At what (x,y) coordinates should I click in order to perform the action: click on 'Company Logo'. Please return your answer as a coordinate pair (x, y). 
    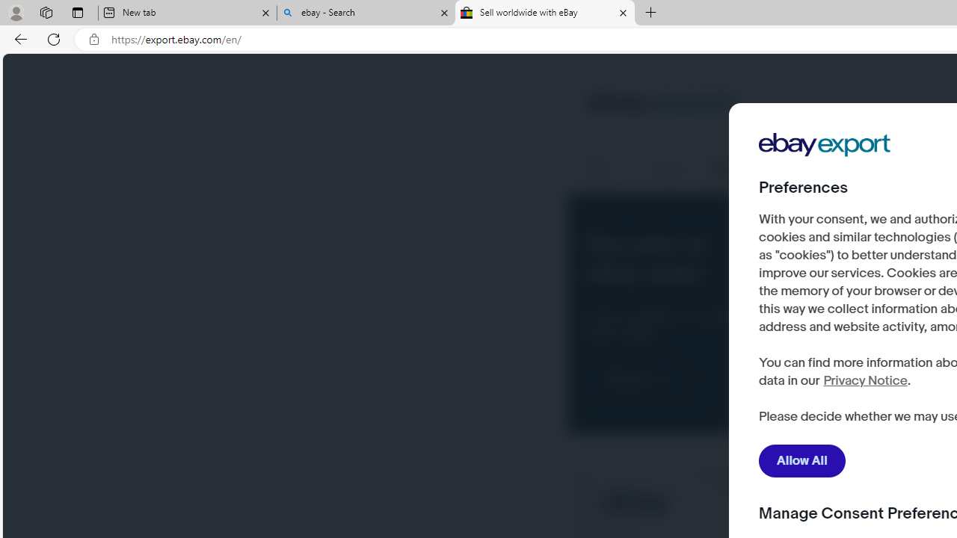
    Looking at the image, I should click on (824, 145).